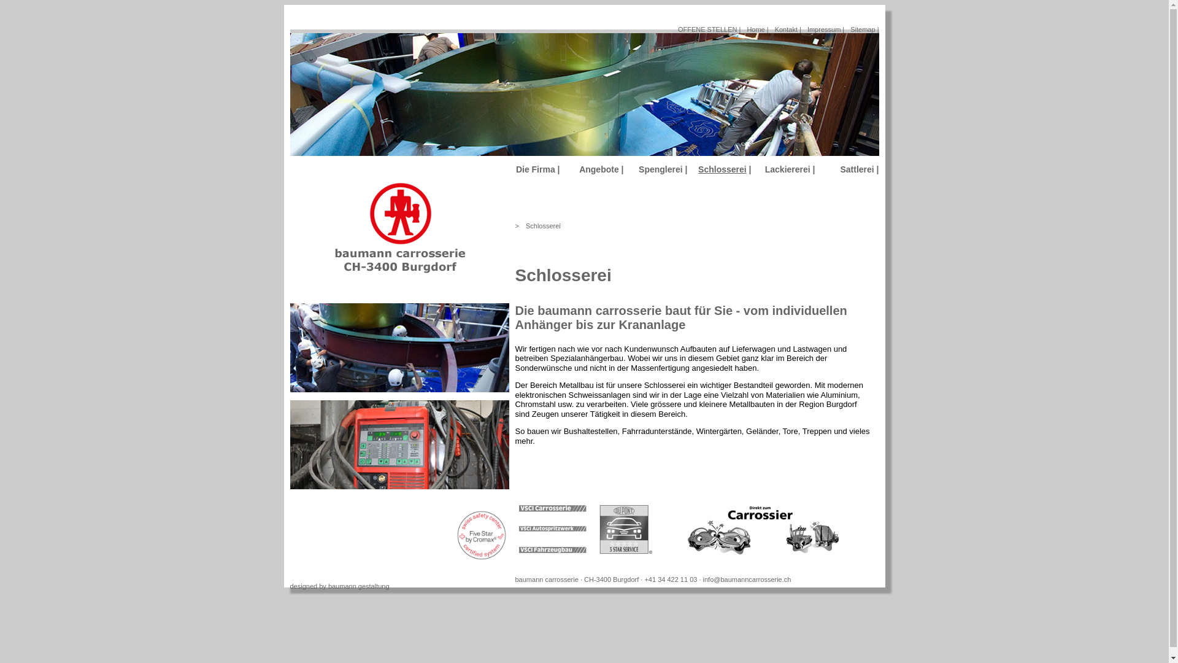 The height and width of the screenshot is (663, 1178). What do you see at coordinates (786, 28) in the screenshot?
I see `'Kontakt'` at bounding box center [786, 28].